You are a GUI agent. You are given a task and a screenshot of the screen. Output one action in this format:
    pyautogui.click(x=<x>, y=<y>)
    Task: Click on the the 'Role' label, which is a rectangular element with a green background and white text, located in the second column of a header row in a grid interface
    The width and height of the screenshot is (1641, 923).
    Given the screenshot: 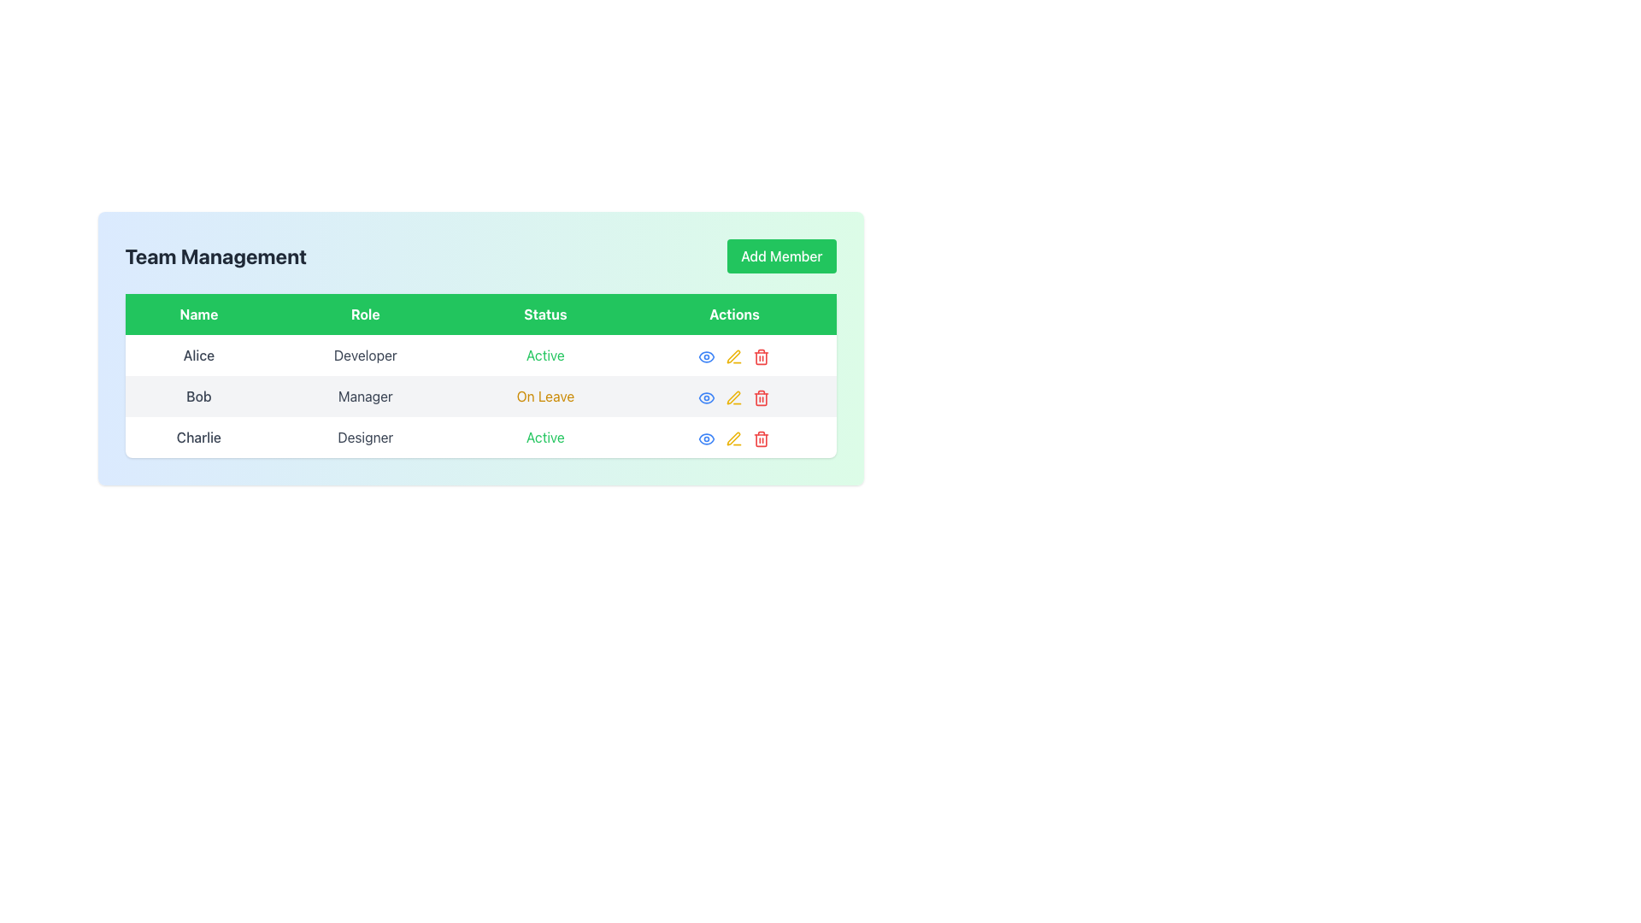 What is the action you would take?
    pyautogui.click(x=364, y=314)
    